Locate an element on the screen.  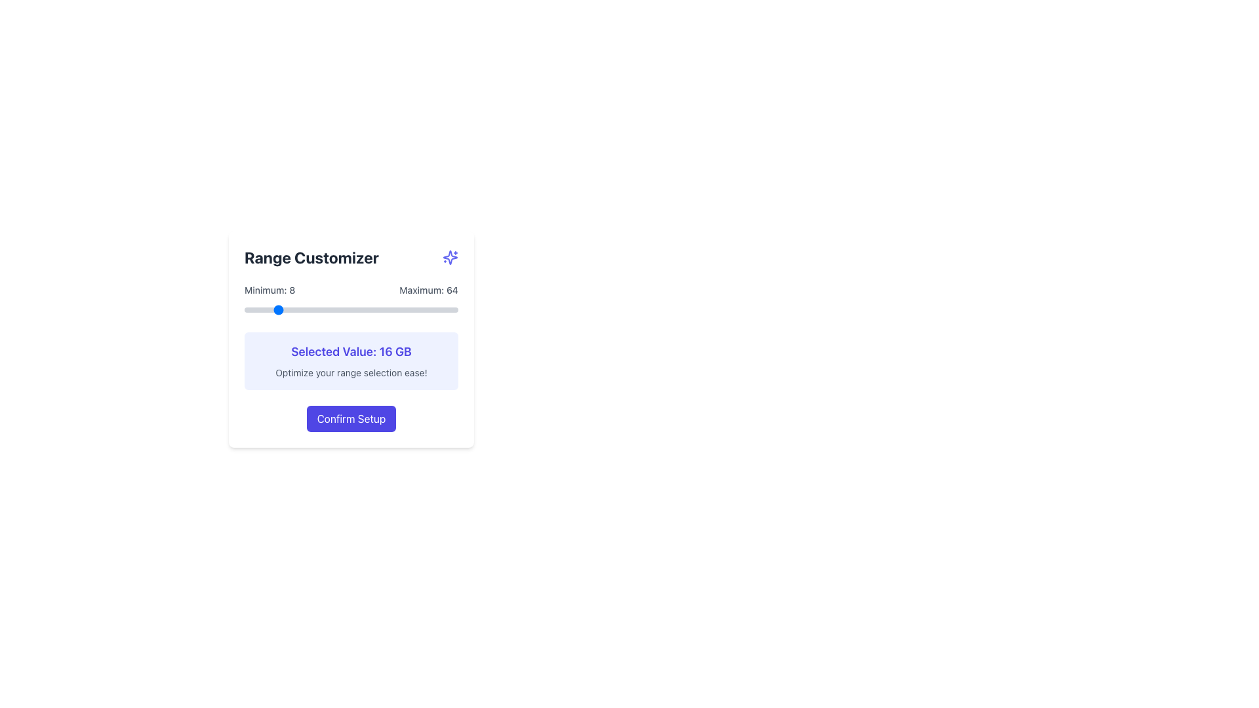
the slider value is located at coordinates (412, 310).